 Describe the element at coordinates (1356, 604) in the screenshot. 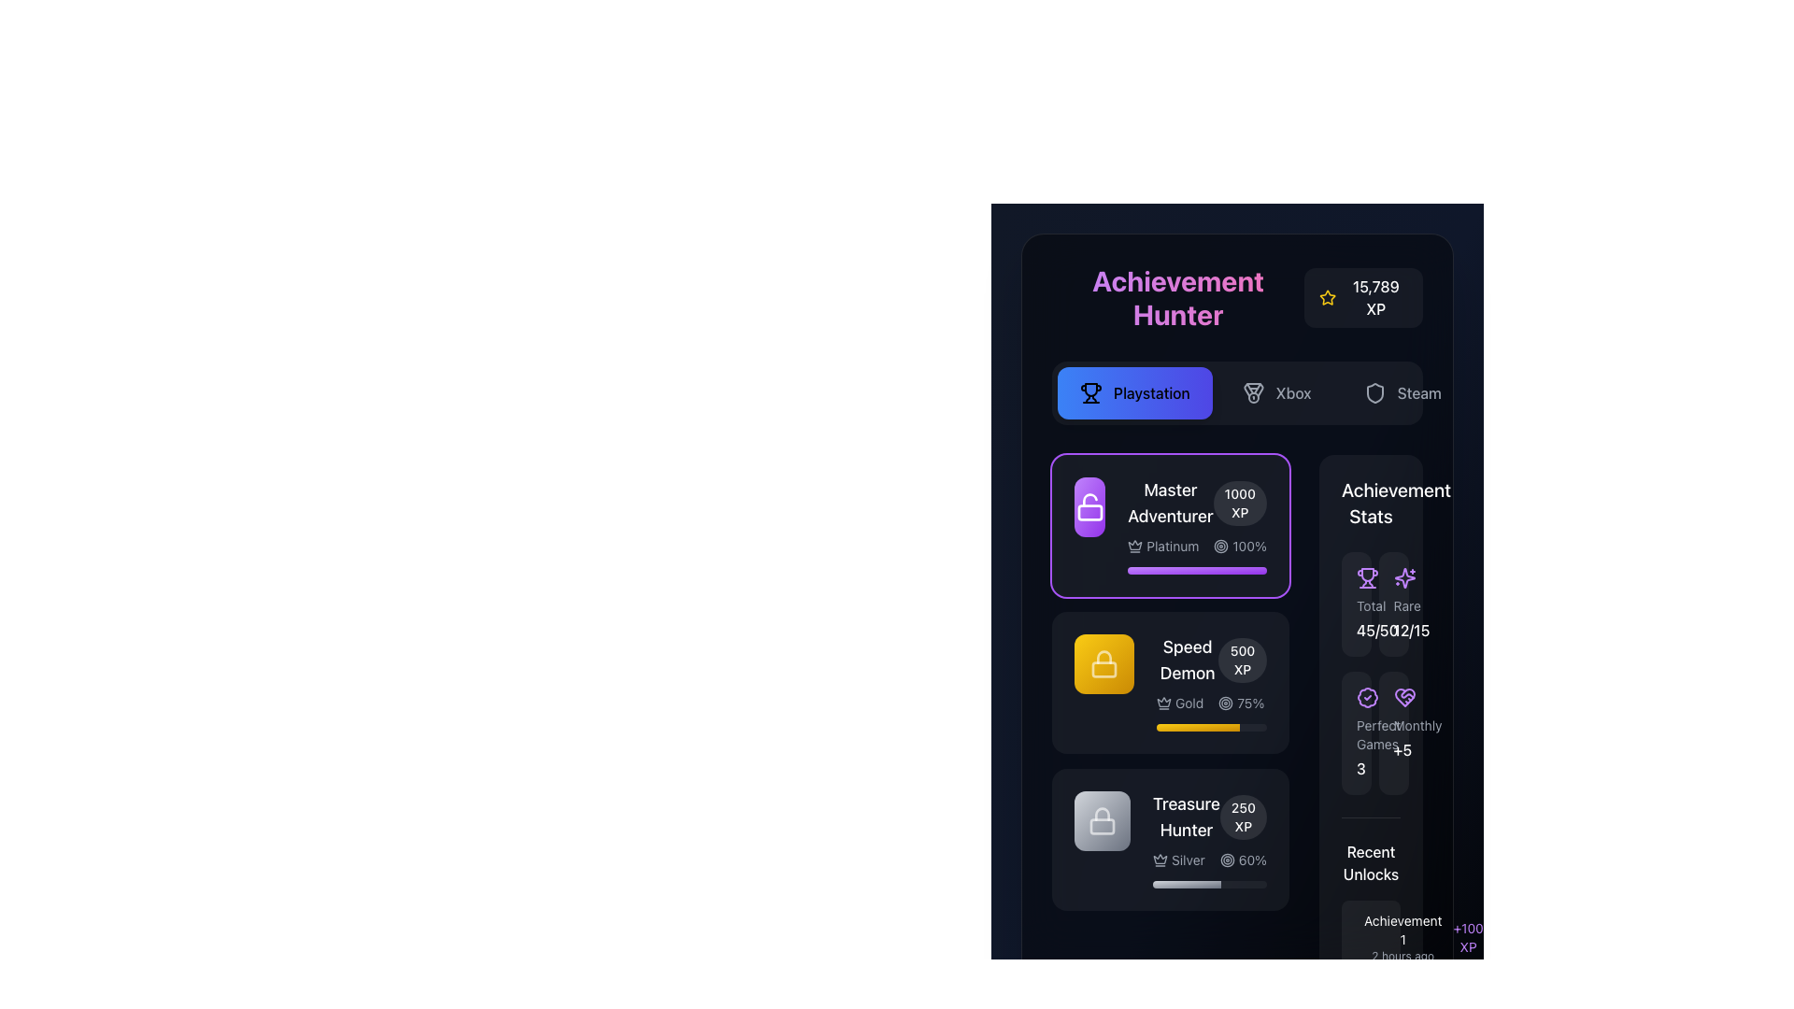

I see `text information from the Card displaying summary information labeled 'Total' with the numeric value '45/50', located in the top-left quadrant of a grid layout` at that location.